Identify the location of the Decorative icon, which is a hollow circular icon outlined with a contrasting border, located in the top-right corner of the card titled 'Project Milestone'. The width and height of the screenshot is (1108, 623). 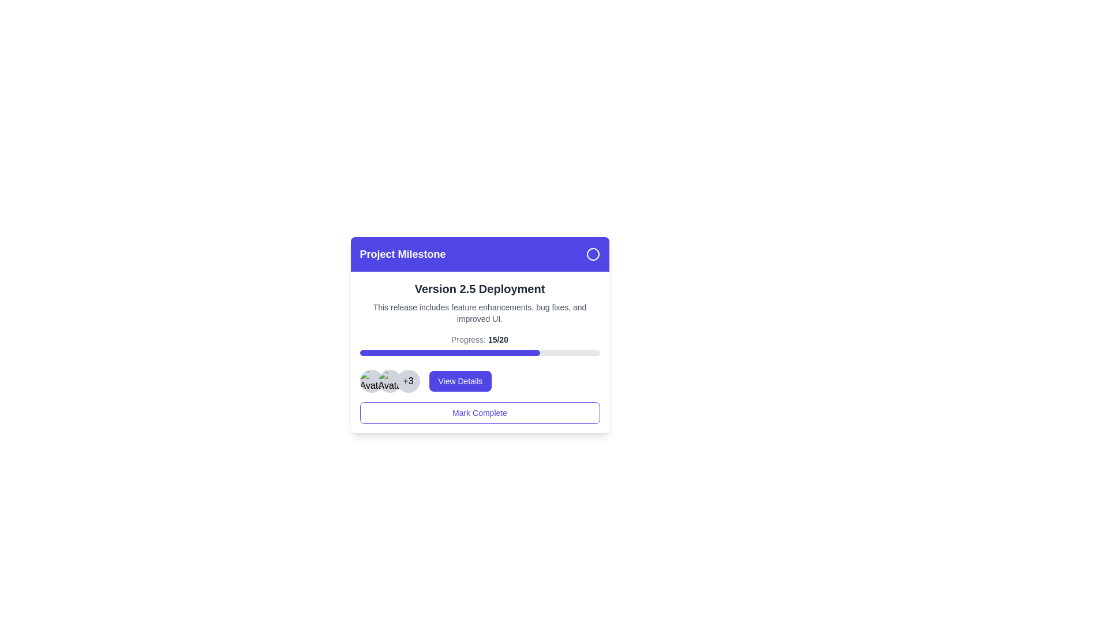
(593, 253).